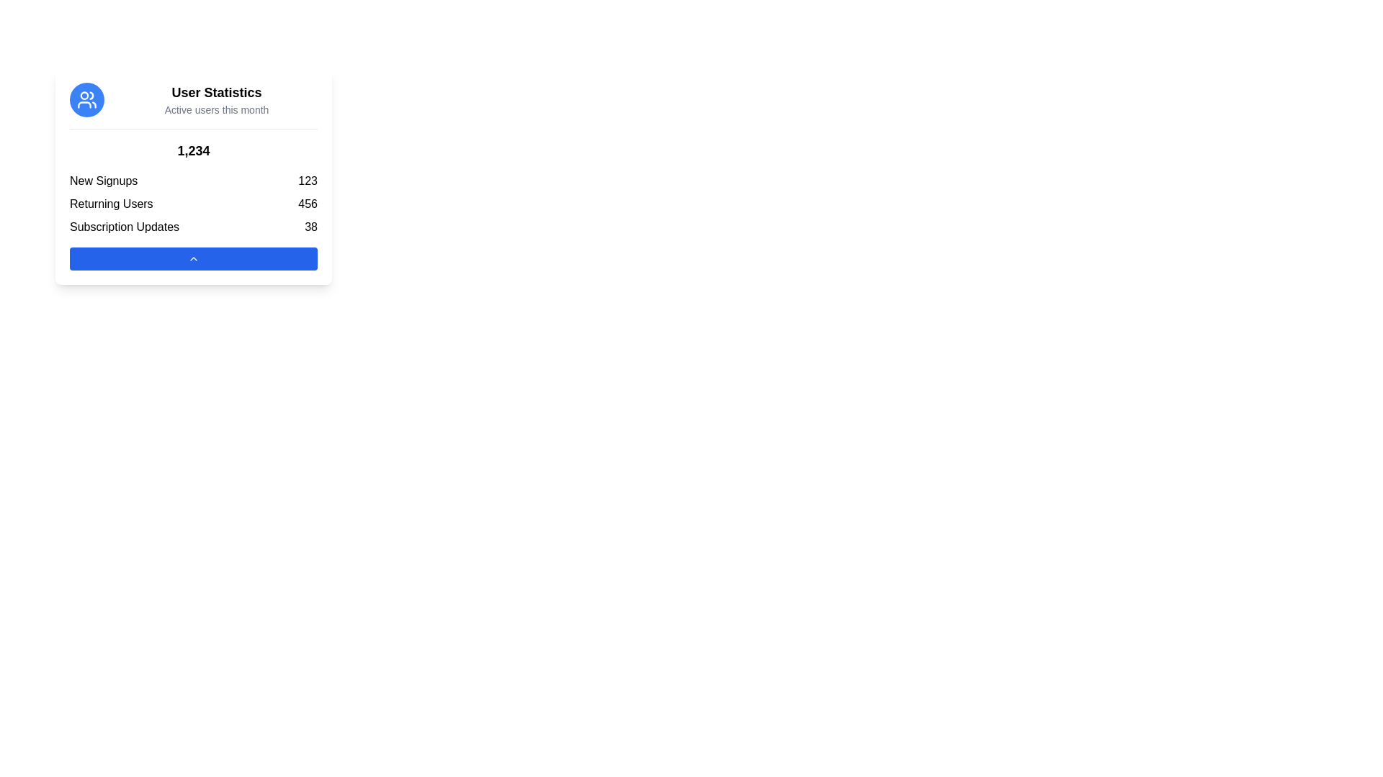 The image size is (1383, 777). Describe the element at coordinates (216, 109) in the screenshot. I see `the text label that reads 'Active users this month', which is styled in smaller gray font and located directly below the heading 'User Statistics'` at that location.